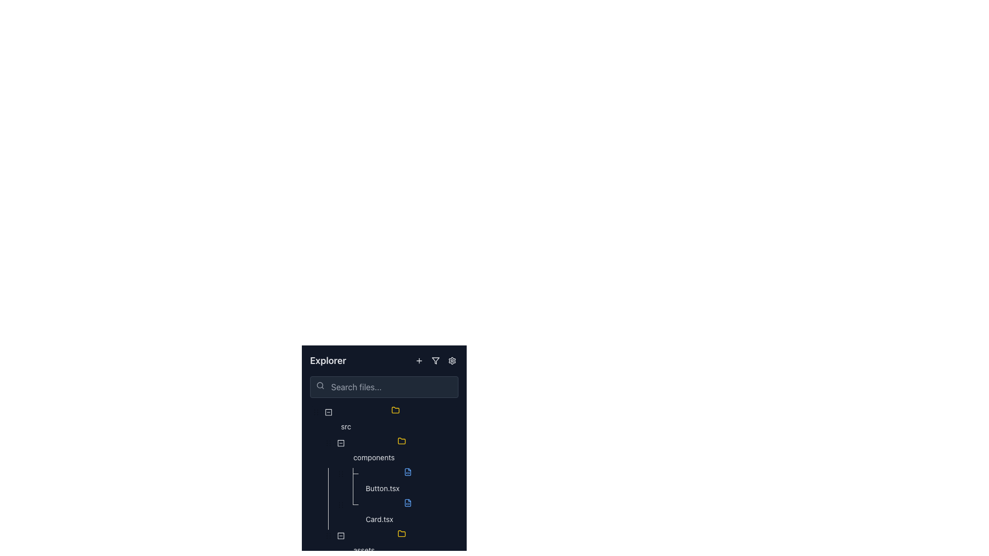 This screenshot has height=556, width=989. What do you see at coordinates (383, 482) in the screenshot?
I see `the 'Button.tsx' text node` at bounding box center [383, 482].